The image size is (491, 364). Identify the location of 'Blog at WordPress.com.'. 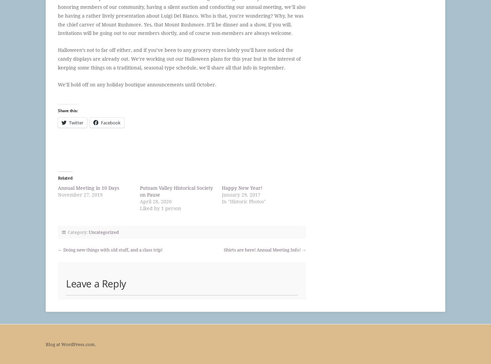
(70, 344).